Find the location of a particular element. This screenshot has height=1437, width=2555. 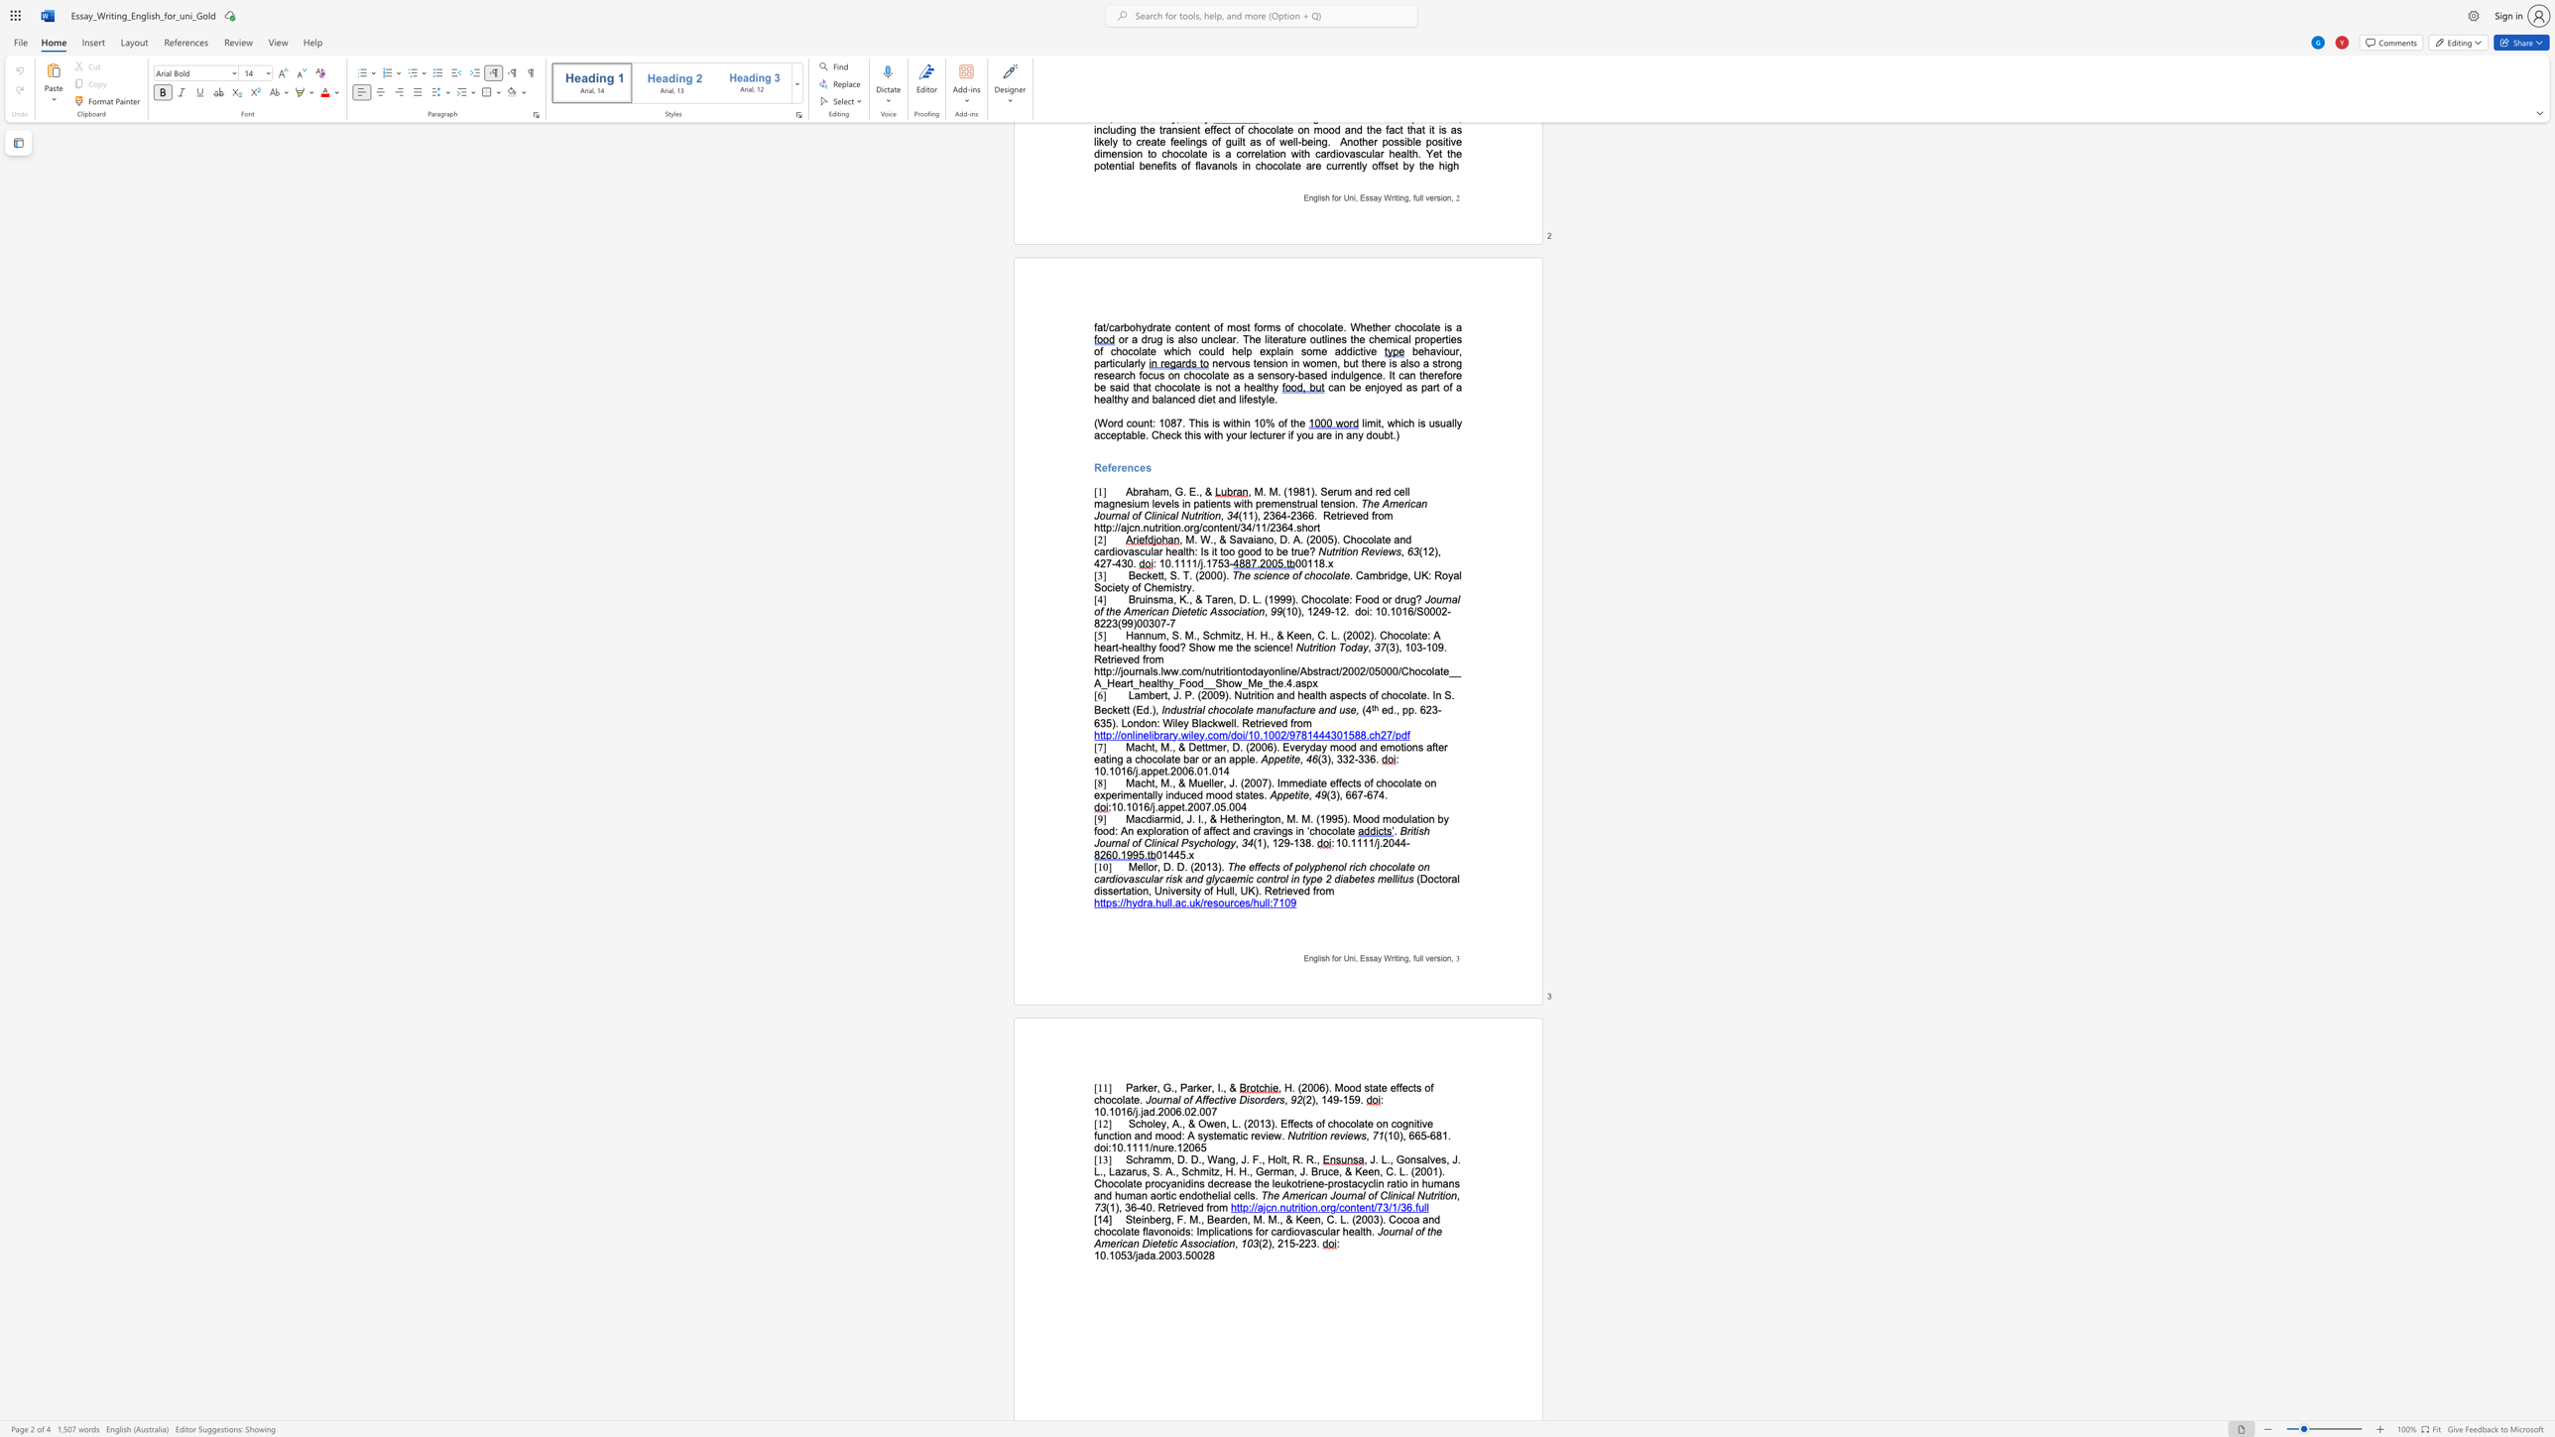

the subset text "0.11" within the text ": 10.1111/j.2044-" is located at coordinates (1341, 843).